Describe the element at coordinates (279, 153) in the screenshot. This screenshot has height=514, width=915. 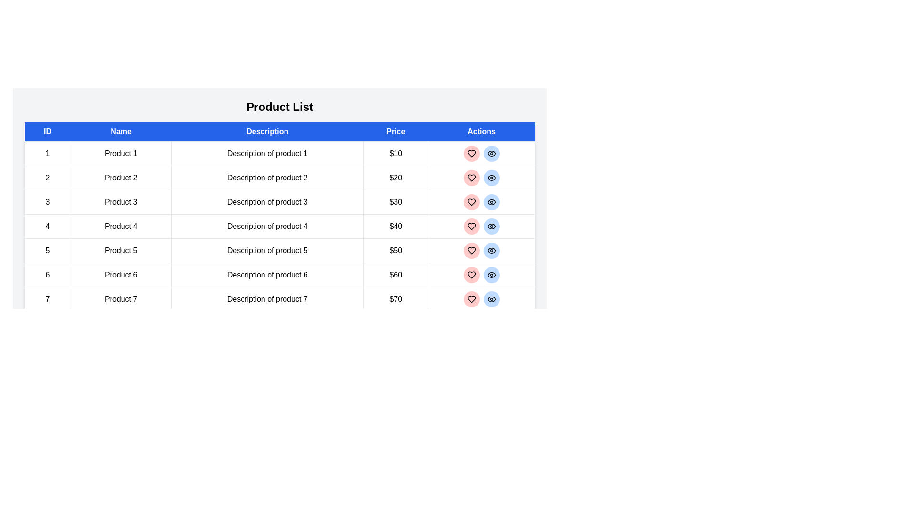
I see `the row corresponding to product 1` at that location.